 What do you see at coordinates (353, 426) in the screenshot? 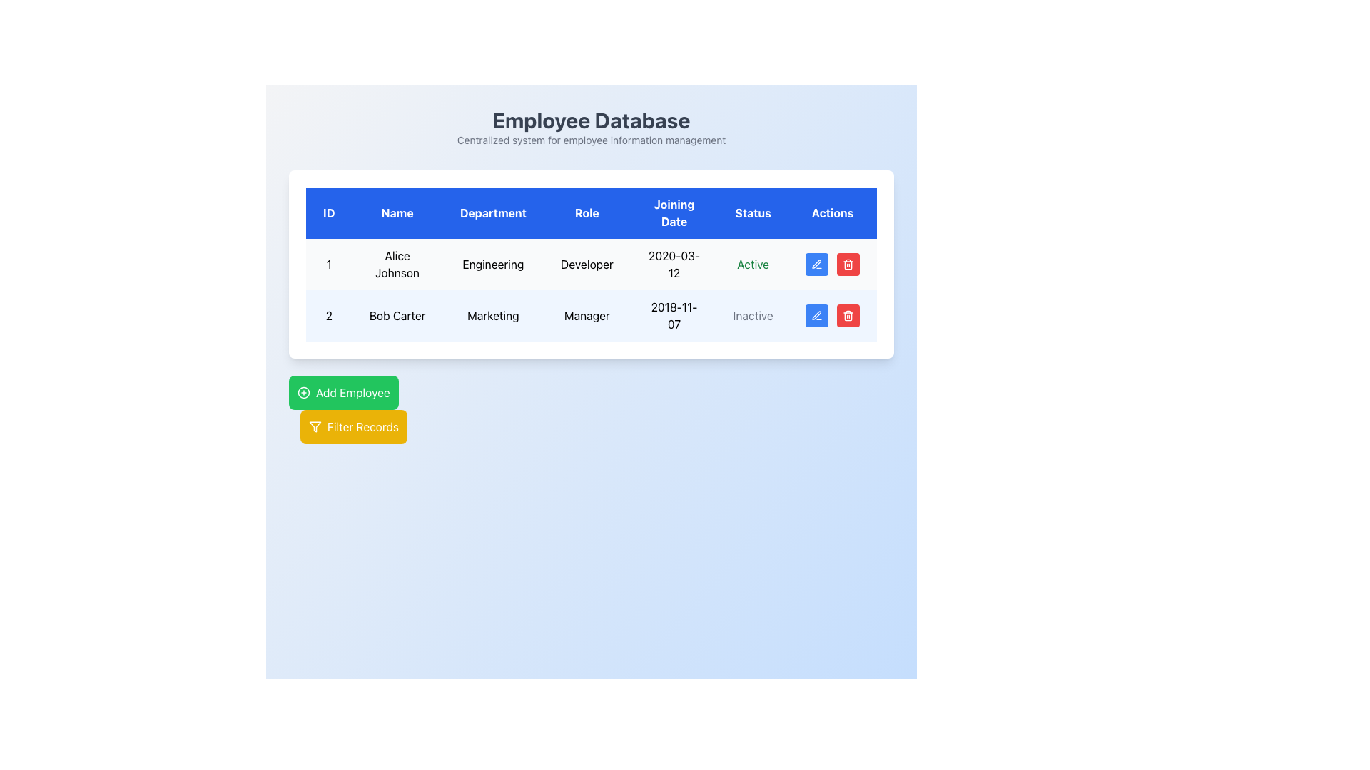
I see `the second button in the group of interactive buttons below the employee table` at bounding box center [353, 426].